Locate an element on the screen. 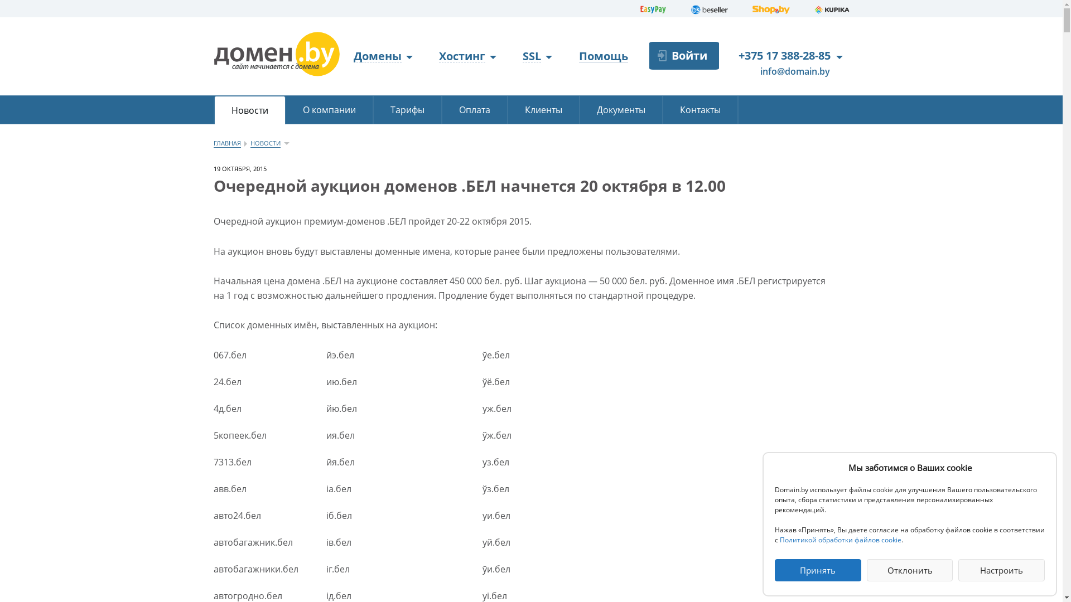 The height and width of the screenshot is (602, 1071). 'info@domain.by' is located at coordinates (787, 71).